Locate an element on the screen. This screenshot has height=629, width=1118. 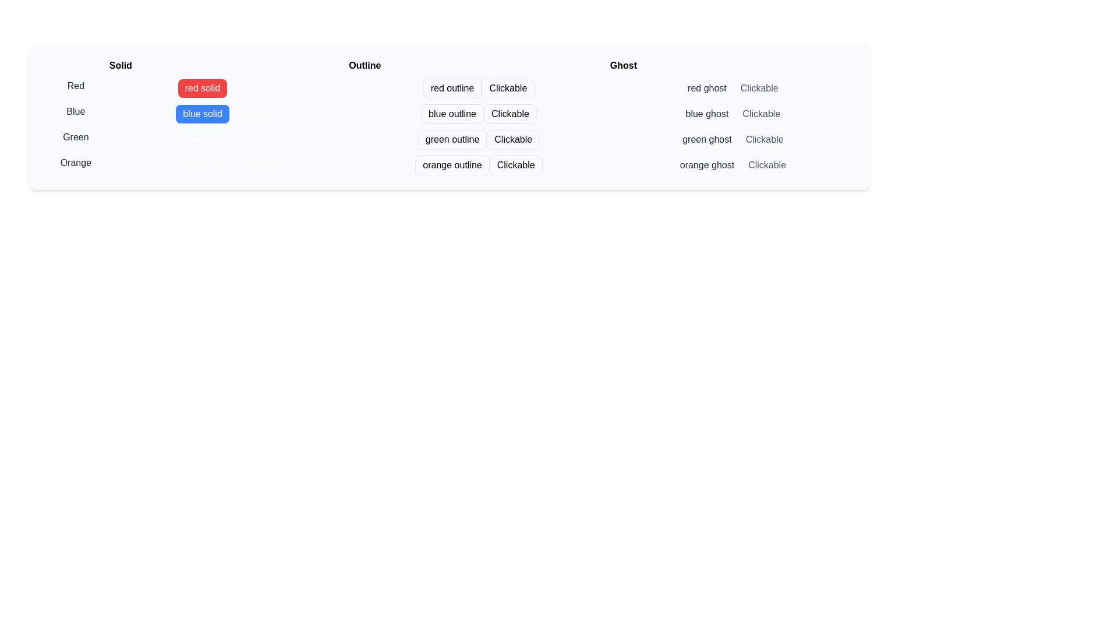
the rounded rectangular button labeled 'Clickable' with an orange text and border, located in the 'Outline' section under 'Orange', as the second element is located at coordinates (515, 165).